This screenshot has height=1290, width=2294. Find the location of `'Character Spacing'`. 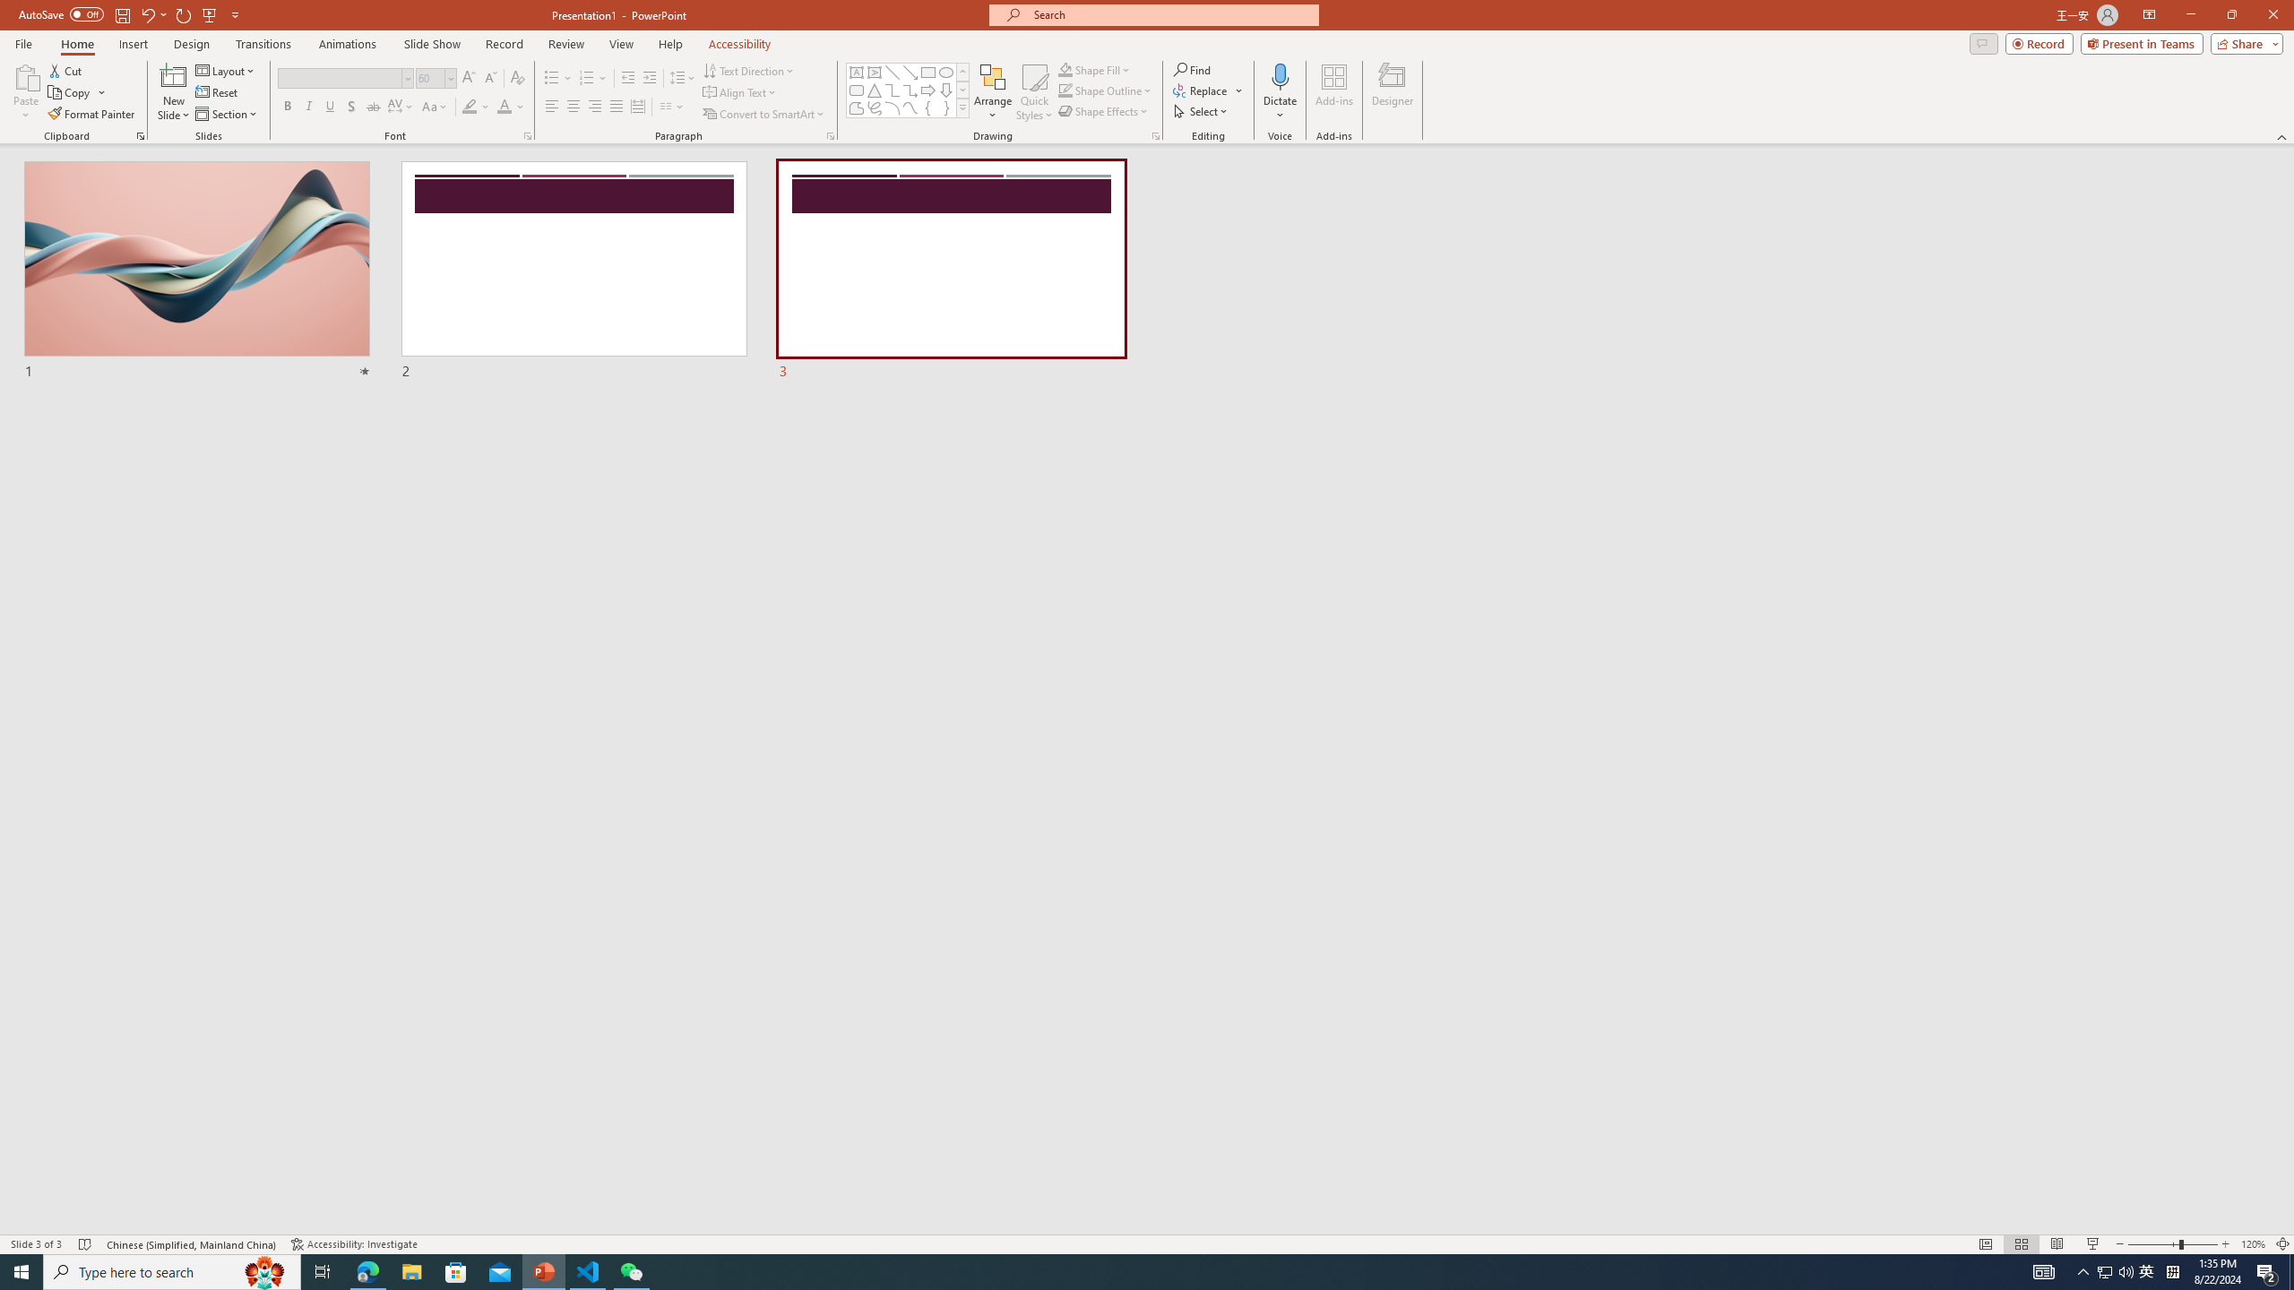

'Character Spacing' is located at coordinates (401, 106).